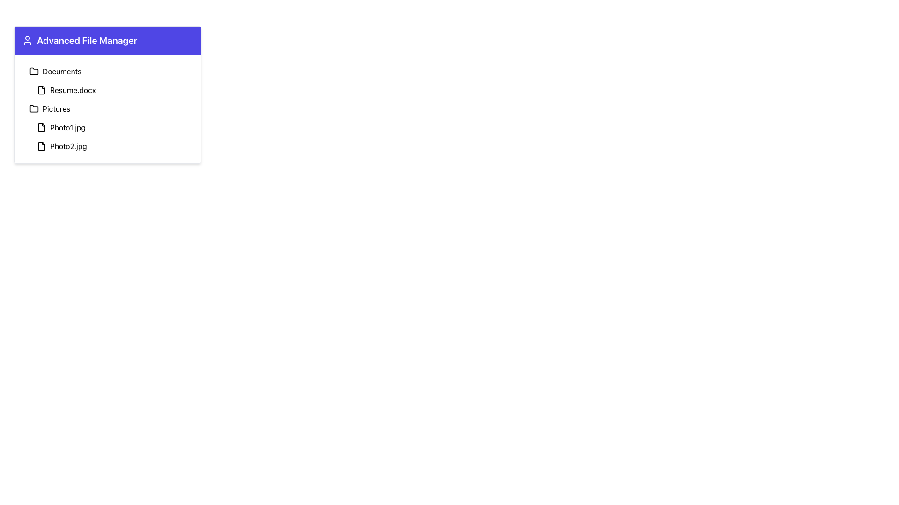 The width and height of the screenshot is (899, 505). Describe the element at coordinates (108, 108) in the screenshot. I see `the list item representing the folder entry labeled 'Pictures' for keyboard interaction` at that location.